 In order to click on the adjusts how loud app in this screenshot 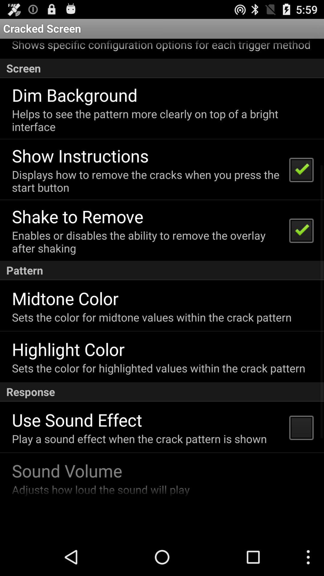, I will do `click(100, 490)`.